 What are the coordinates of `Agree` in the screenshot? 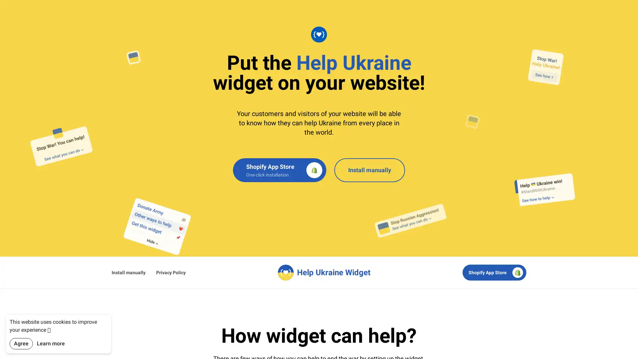 It's located at (21, 343).